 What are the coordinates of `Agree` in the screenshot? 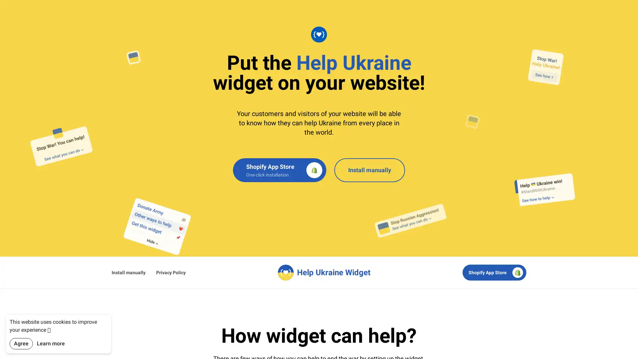 It's located at (21, 343).